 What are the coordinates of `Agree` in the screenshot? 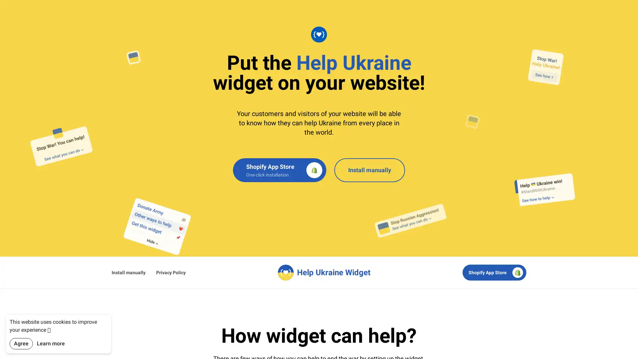 It's located at (21, 343).